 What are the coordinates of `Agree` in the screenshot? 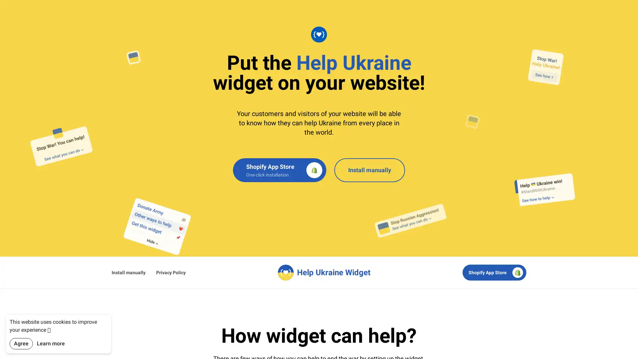 It's located at (21, 343).